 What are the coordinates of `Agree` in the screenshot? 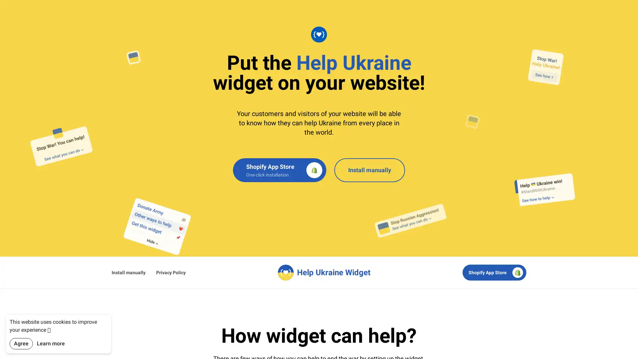 It's located at (21, 343).